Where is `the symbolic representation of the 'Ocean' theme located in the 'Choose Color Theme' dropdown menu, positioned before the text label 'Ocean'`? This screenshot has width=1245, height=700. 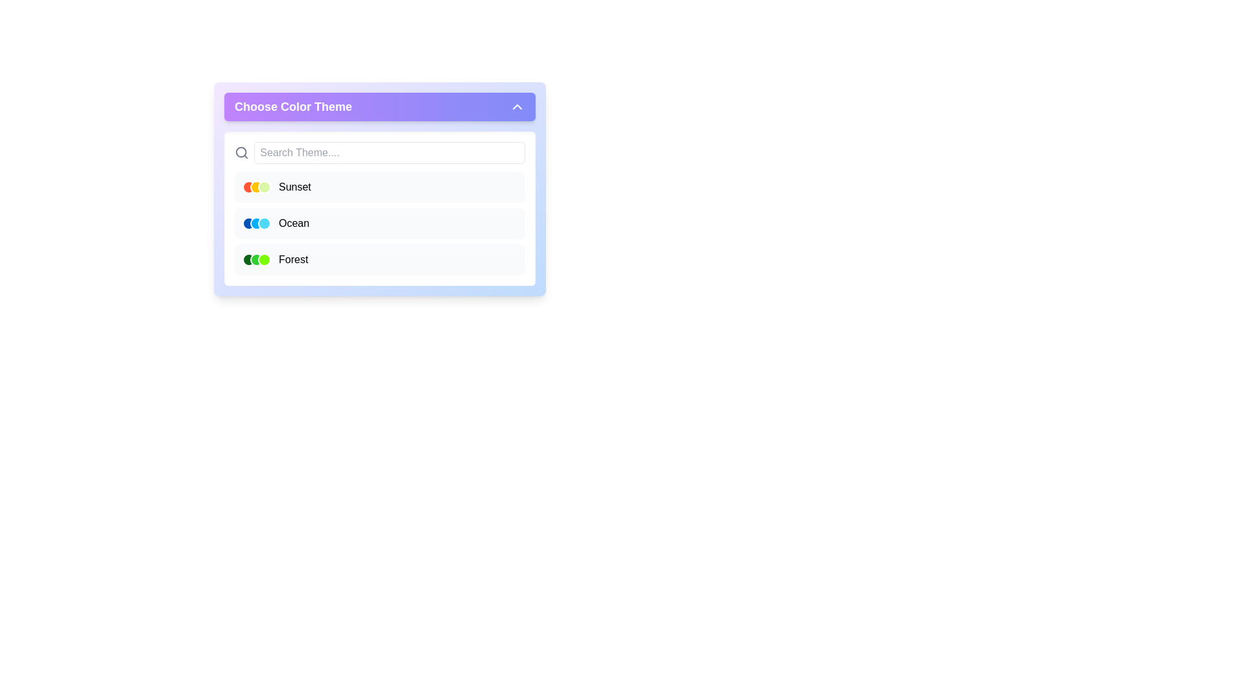 the symbolic representation of the 'Ocean' theme located in the 'Choose Color Theme' dropdown menu, positioned before the text label 'Ocean' is located at coordinates (256, 222).